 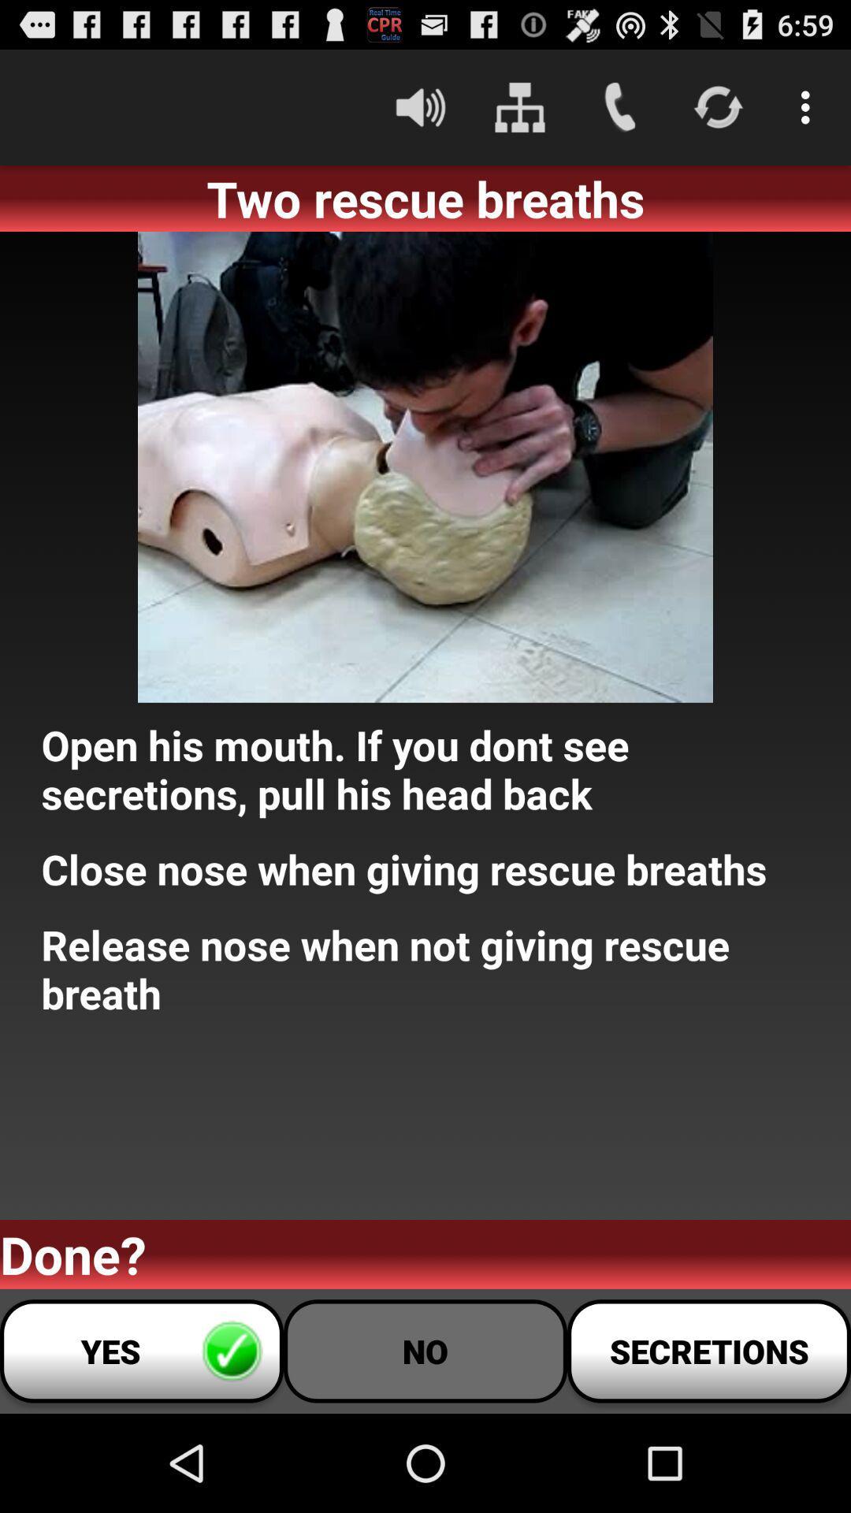 I want to click on icon below the done?, so click(x=425, y=1350).